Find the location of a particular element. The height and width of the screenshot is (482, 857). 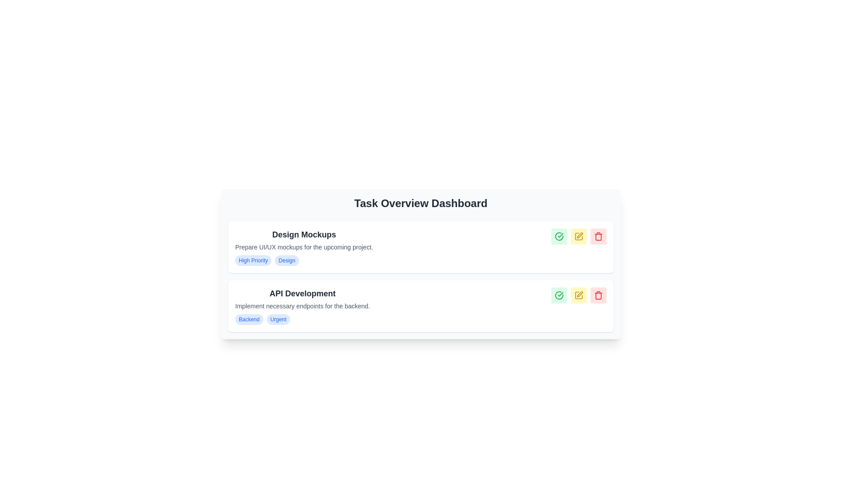

the 'Design' badge, which is a label styled with a rounded rectangle background in light blue, located in the 'Design Mockups' section of the task overview dashboard is located at coordinates (287, 260).